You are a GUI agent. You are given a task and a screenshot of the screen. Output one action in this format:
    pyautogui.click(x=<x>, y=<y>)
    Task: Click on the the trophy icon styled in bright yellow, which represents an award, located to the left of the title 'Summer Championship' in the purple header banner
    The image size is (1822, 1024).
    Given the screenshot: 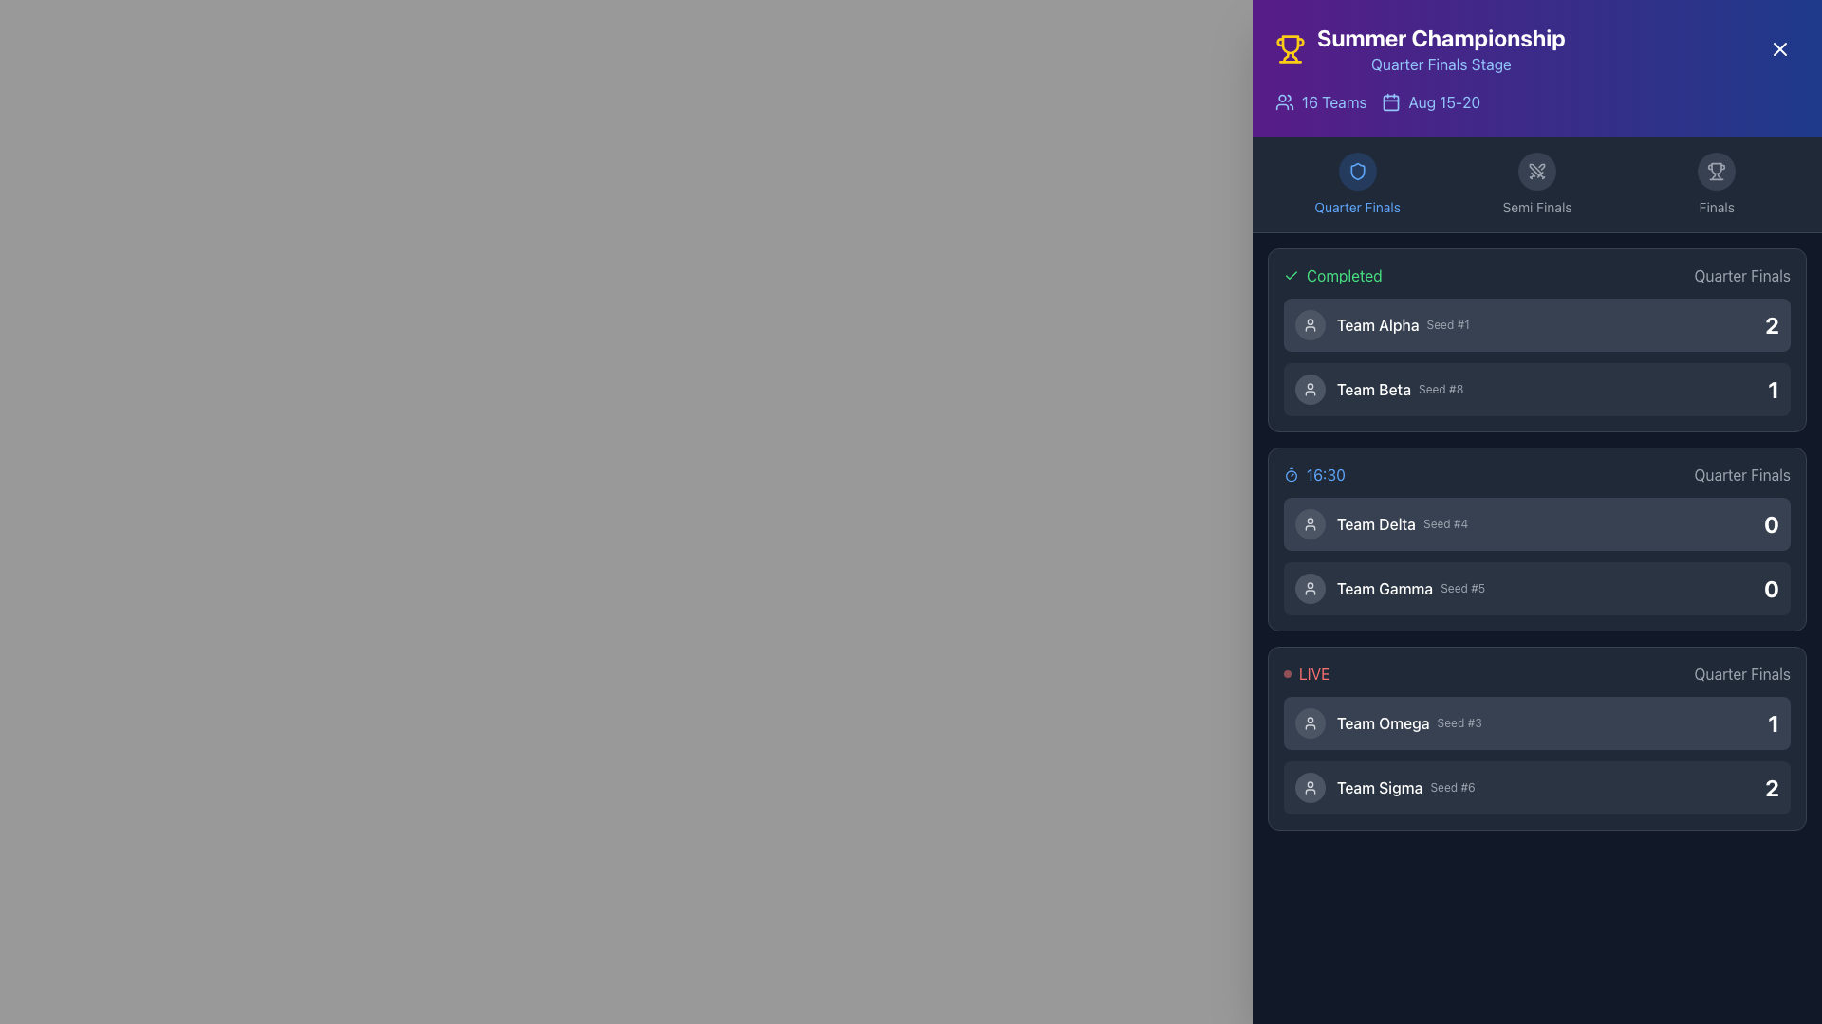 What is the action you would take?
    pyautogui.click(x=1290, y=47)
    